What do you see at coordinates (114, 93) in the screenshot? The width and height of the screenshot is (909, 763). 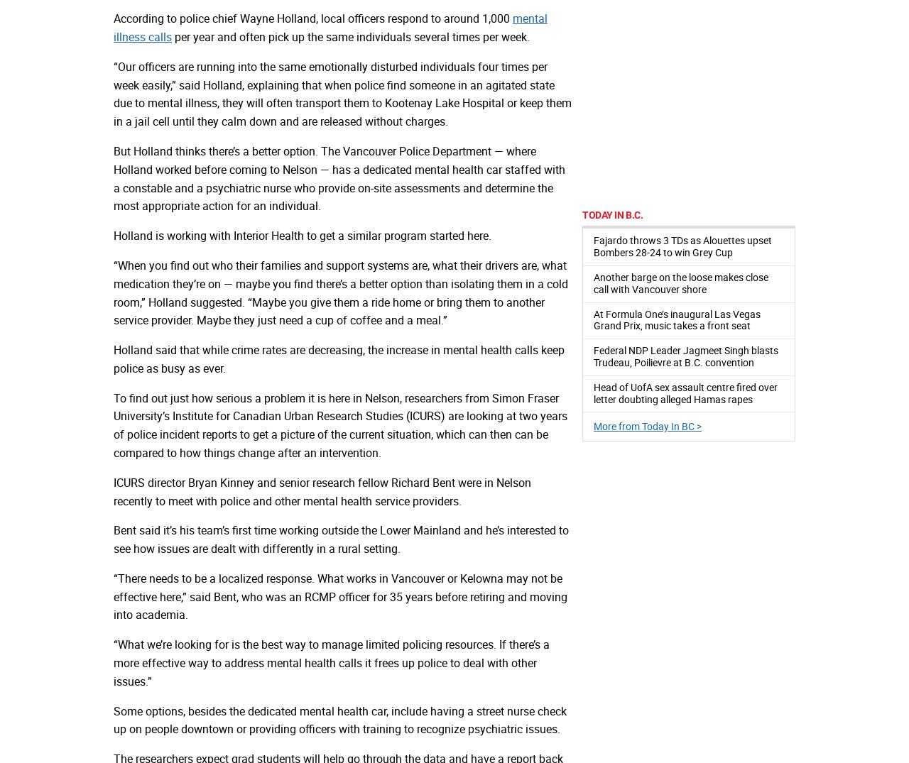 I see `'“Our officers are running into the same emotionally disturbed individuals four times per week easily,” said Holland, explaining that when police find someone in an agitated state due to mental illness, they will often transport them to Kootenay Lake Hospital or keep them in a jail cell until they calm down and are released without charges.'` at bounding box center [114, 93].